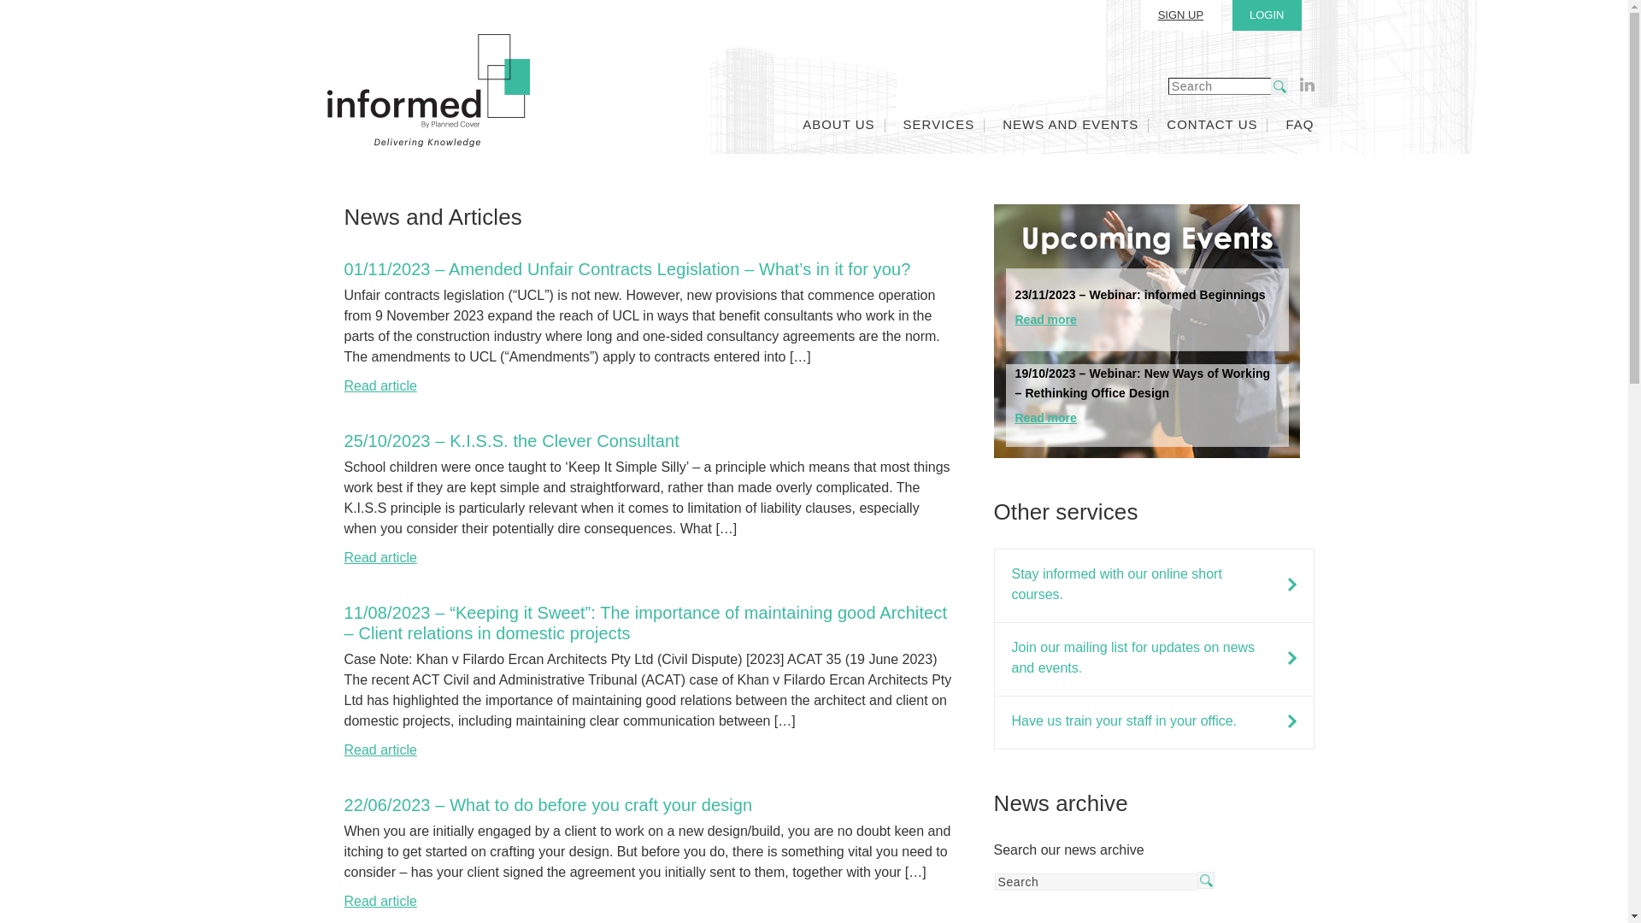 This screenshot has width=1641, height=923. What do you see at coordinates (1210, 123) in the screenshot?
I see `'CONTACT US'` at bounding box center [1210, 123].